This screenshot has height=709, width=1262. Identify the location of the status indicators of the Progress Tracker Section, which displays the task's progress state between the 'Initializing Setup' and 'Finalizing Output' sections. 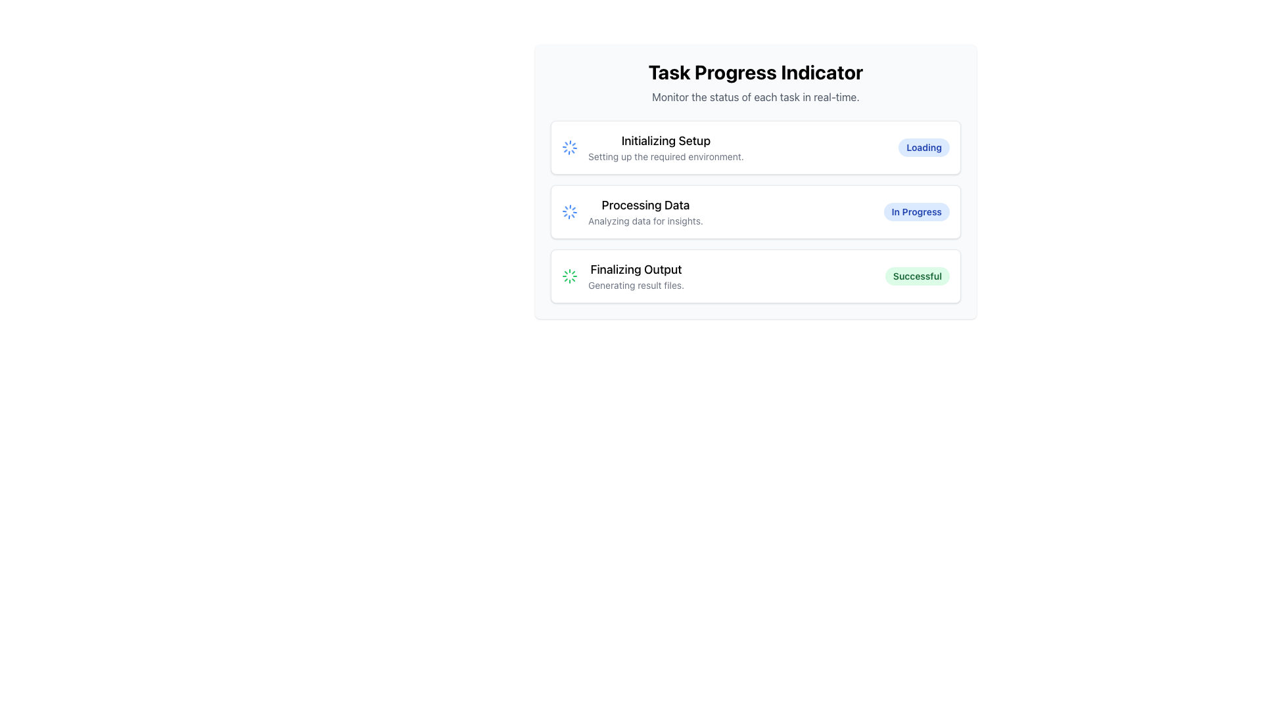
(756, 211).